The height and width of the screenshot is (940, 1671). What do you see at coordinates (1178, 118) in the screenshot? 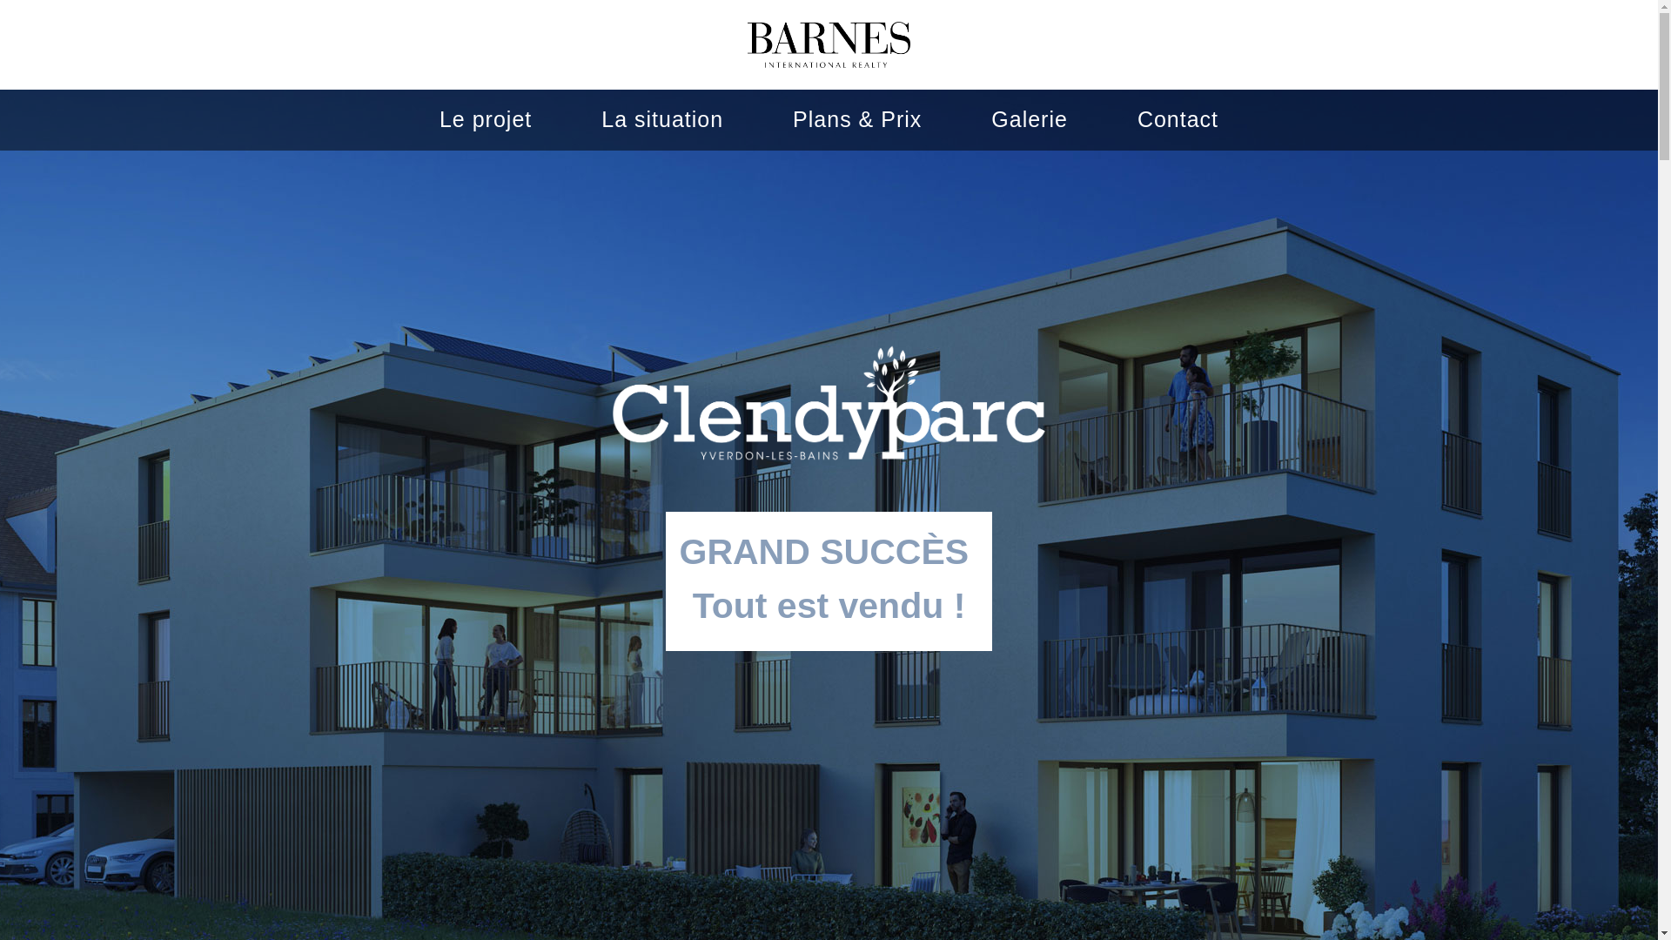
I see `'Contact'` at bounding box center [1178, 118].